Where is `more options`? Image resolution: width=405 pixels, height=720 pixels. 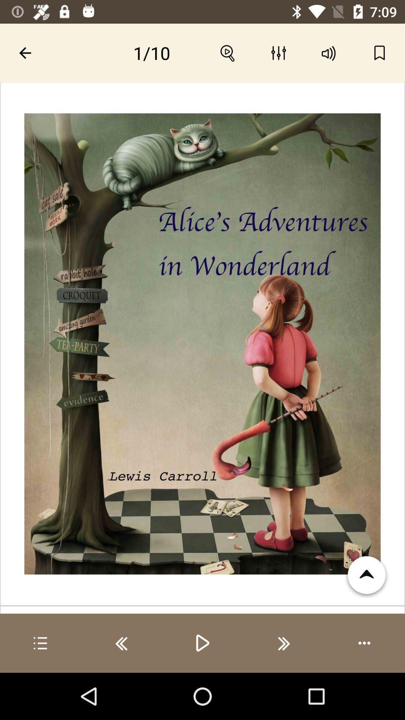 more options is located at coordinates (364, 643).